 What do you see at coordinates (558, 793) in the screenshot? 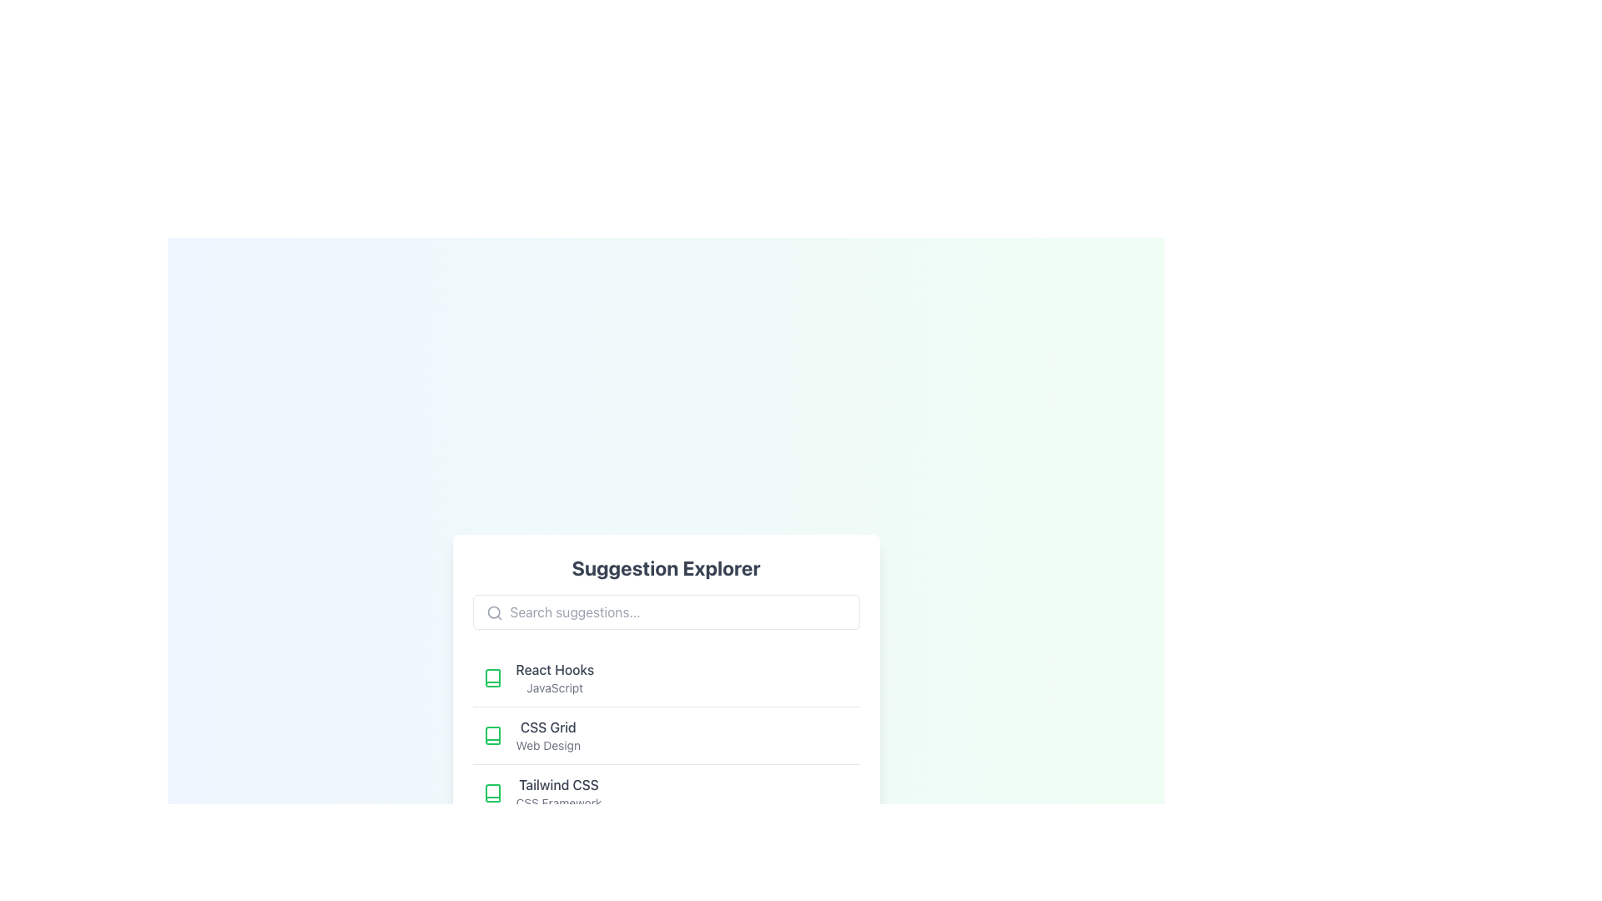
I see `the List Item displaying 'Tailwind CSS' with the subtitle 'CSS Framework'` at bounding box center [558, 793].